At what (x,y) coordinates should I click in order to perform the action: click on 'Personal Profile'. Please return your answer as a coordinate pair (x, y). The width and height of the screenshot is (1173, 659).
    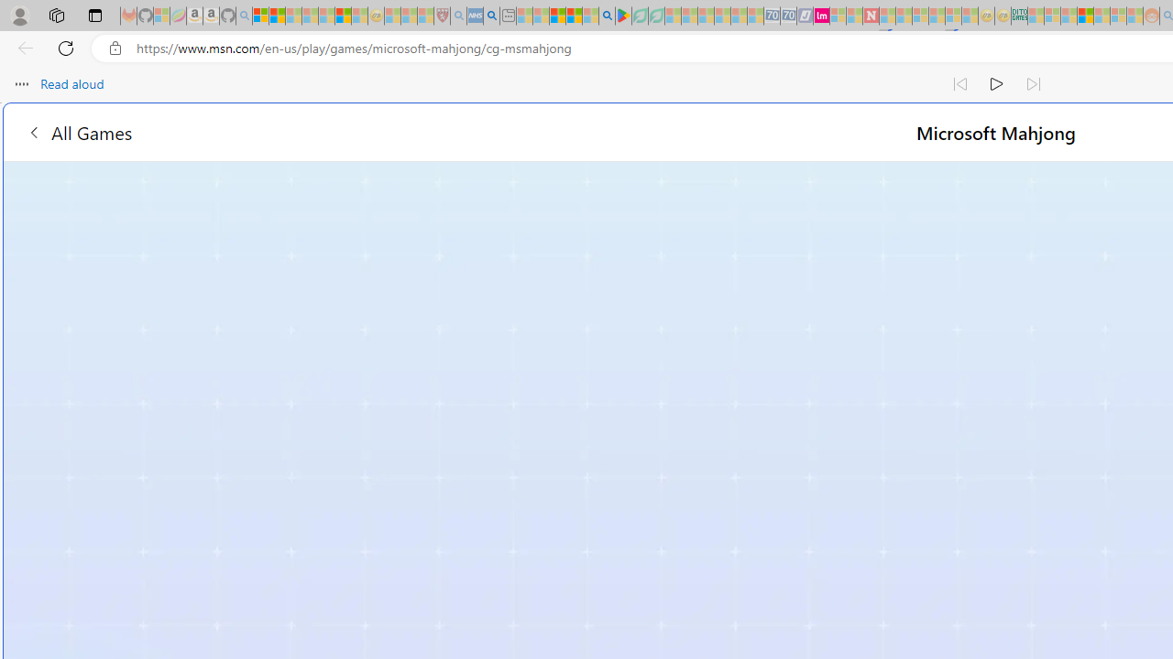
    Looking at the image, I should click on (19, 15).